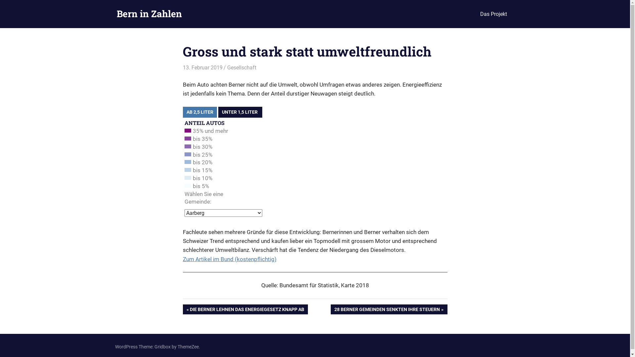  Describe the element at coordinates (202, 67) in the screenshot. I see `'13. Februar 2019'` at that location.